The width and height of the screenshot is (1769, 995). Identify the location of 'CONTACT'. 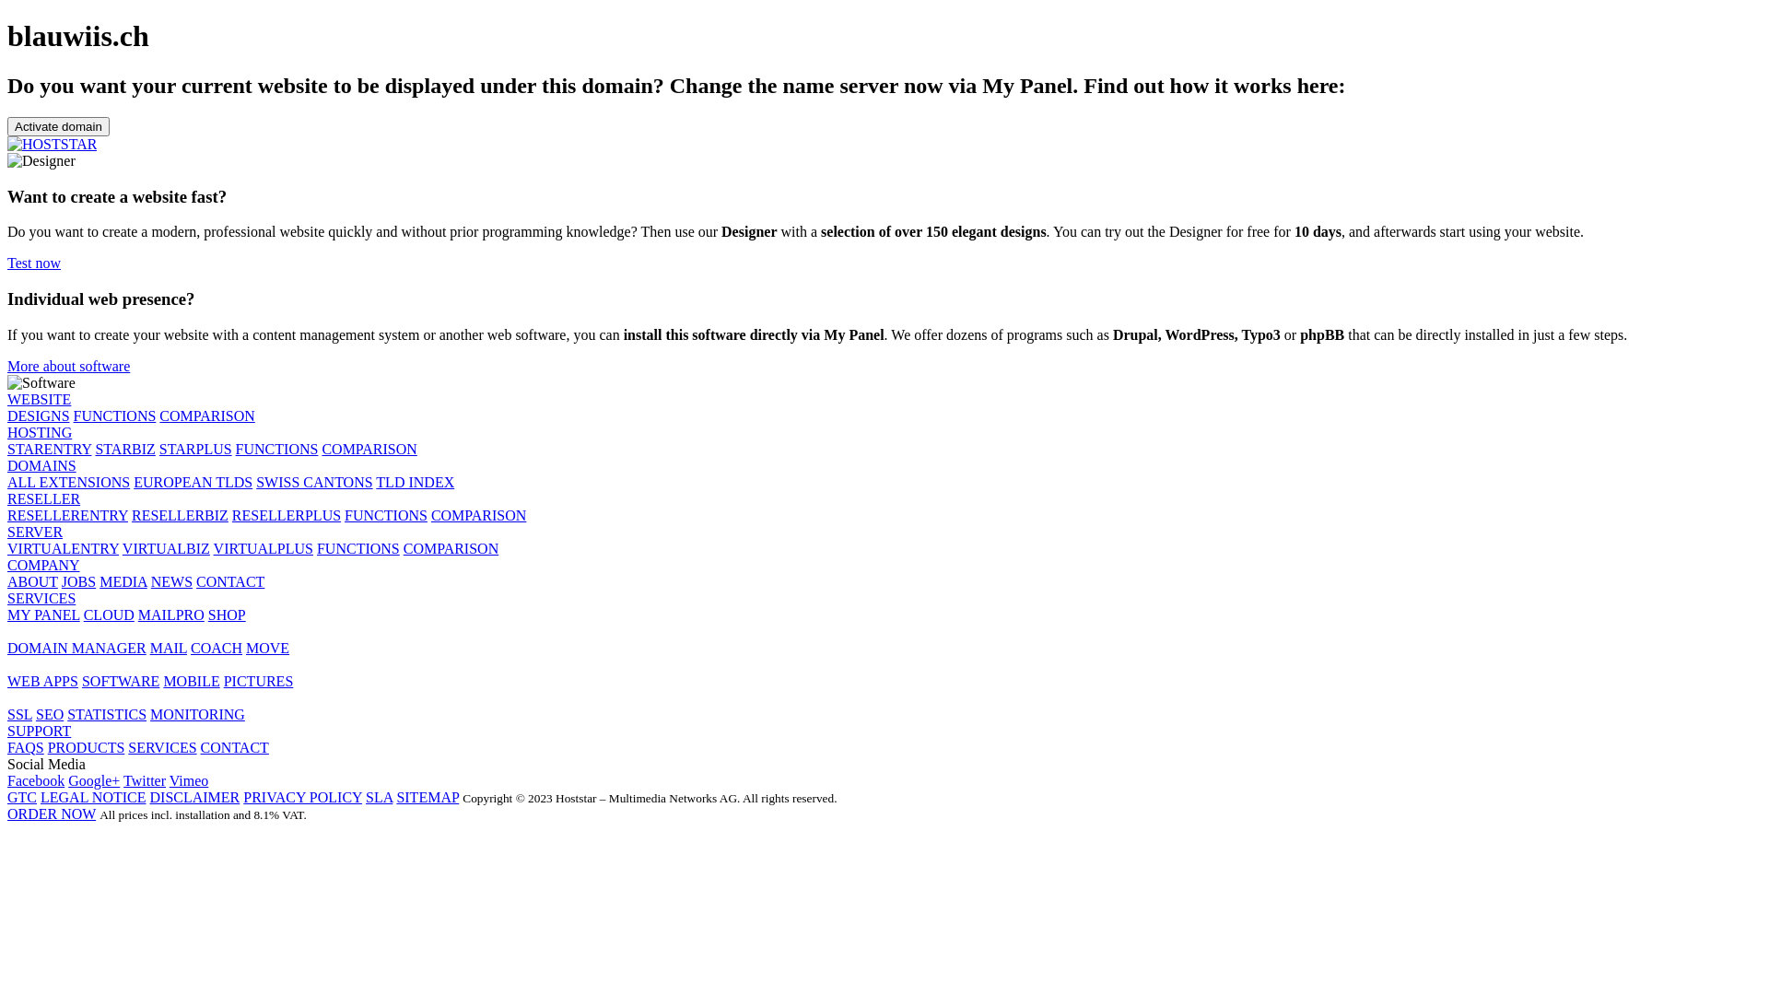
(233, 747).